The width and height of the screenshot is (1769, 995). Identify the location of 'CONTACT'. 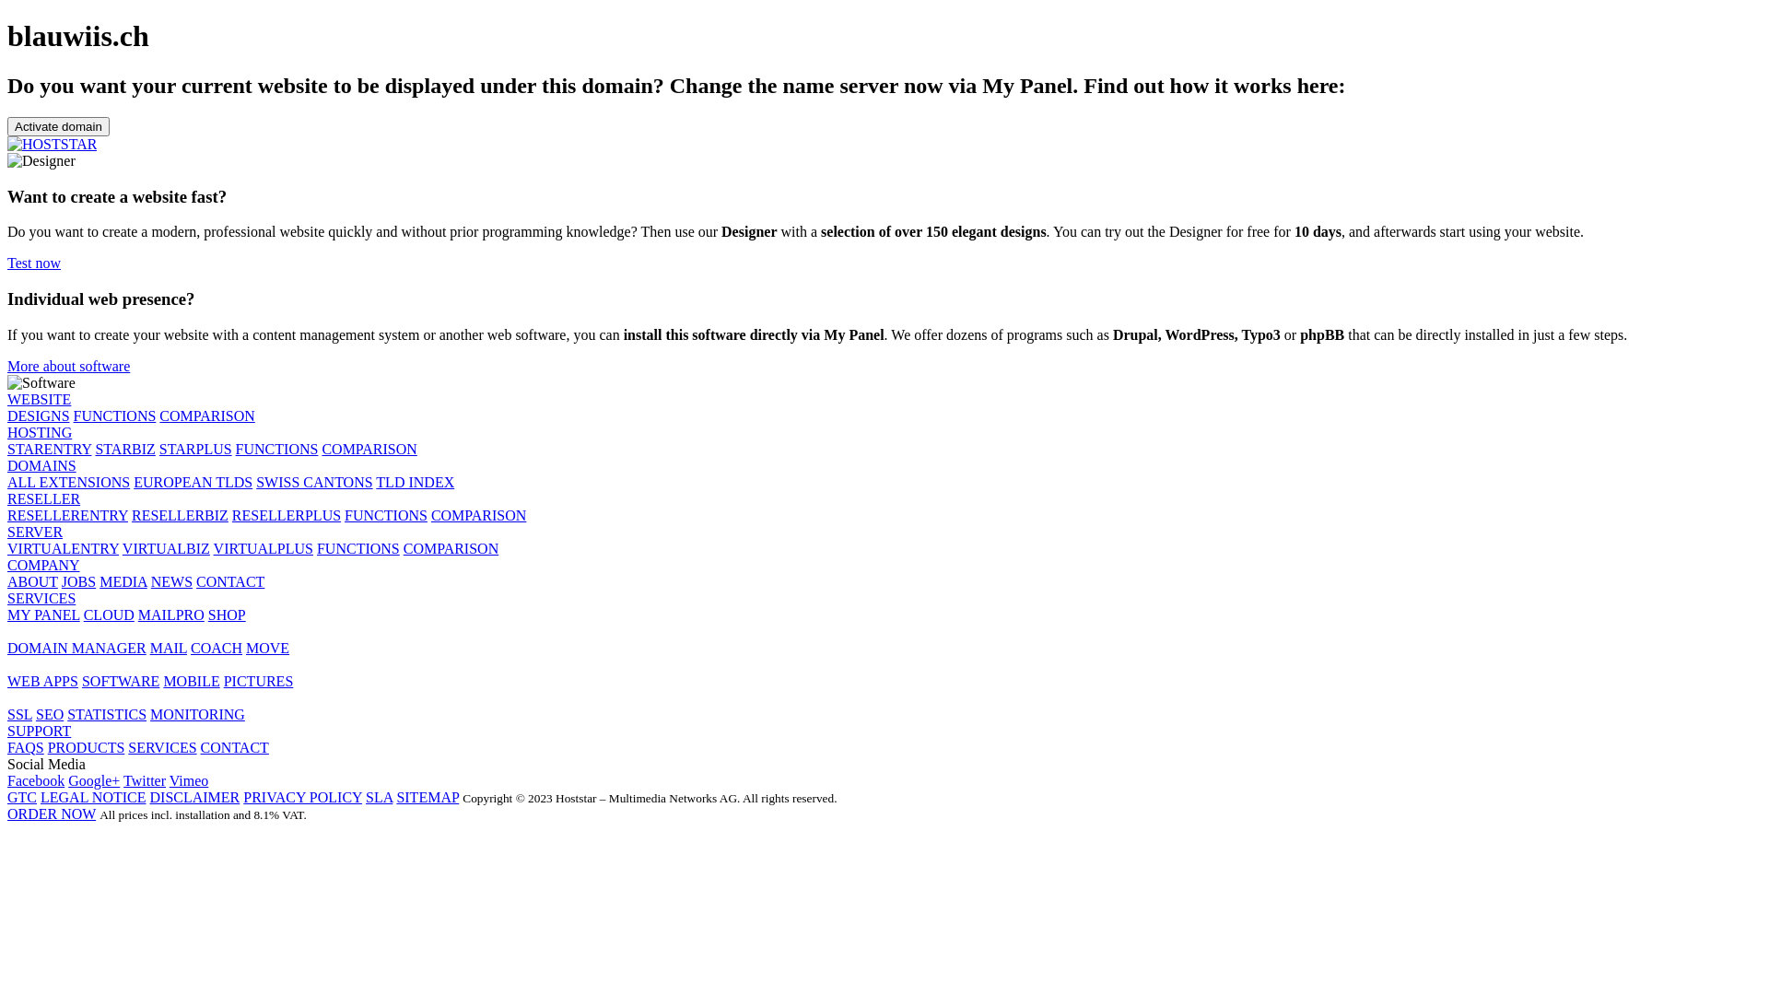
(233, 747).